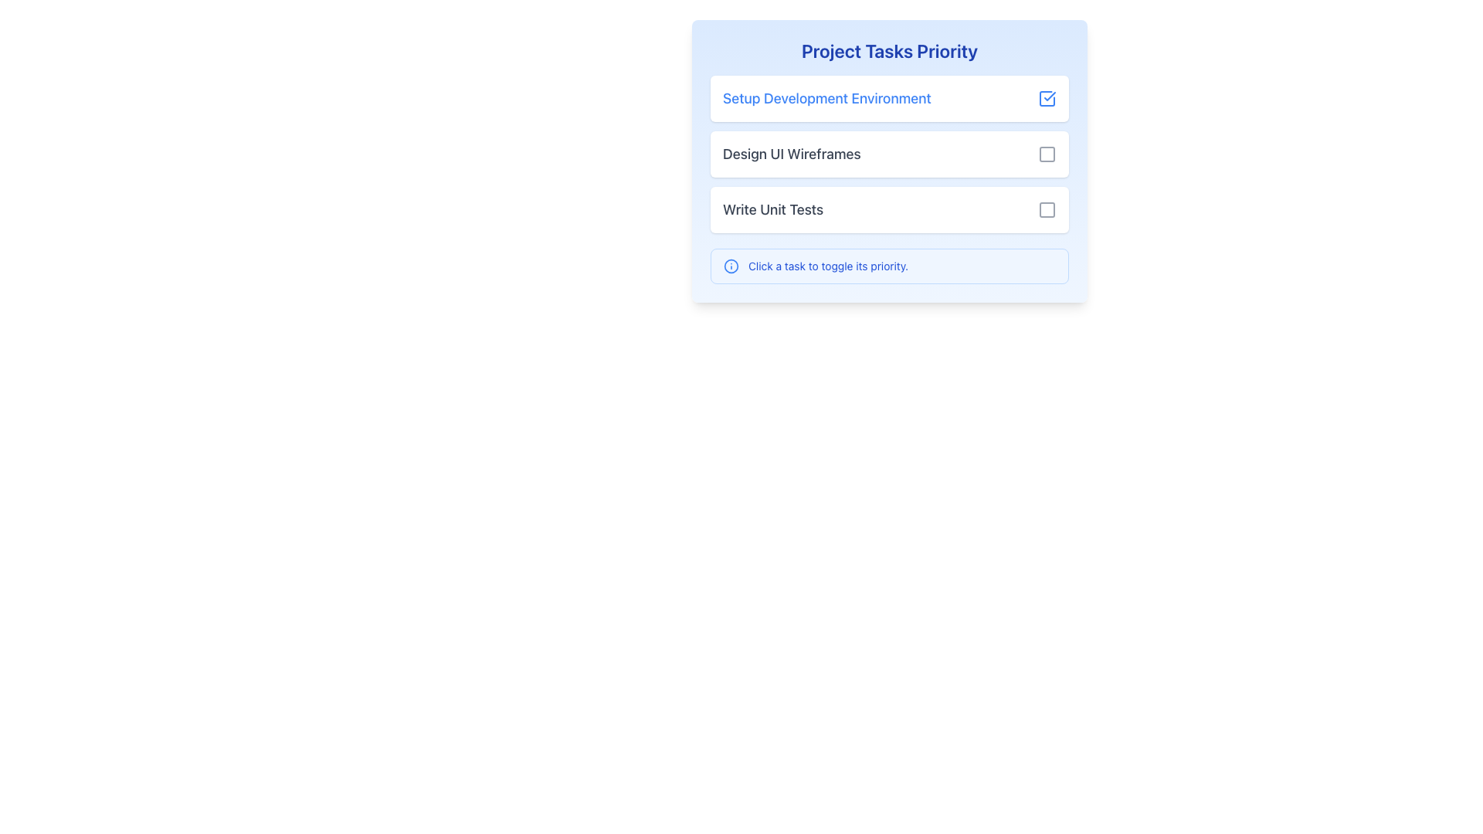  What do you see at coordinates (1047, 98) in the screenshot?
I see `the square outline of the checkbox icon located to the right of the text 'Setup Development Environment'` at bounding box center [1047, 98].